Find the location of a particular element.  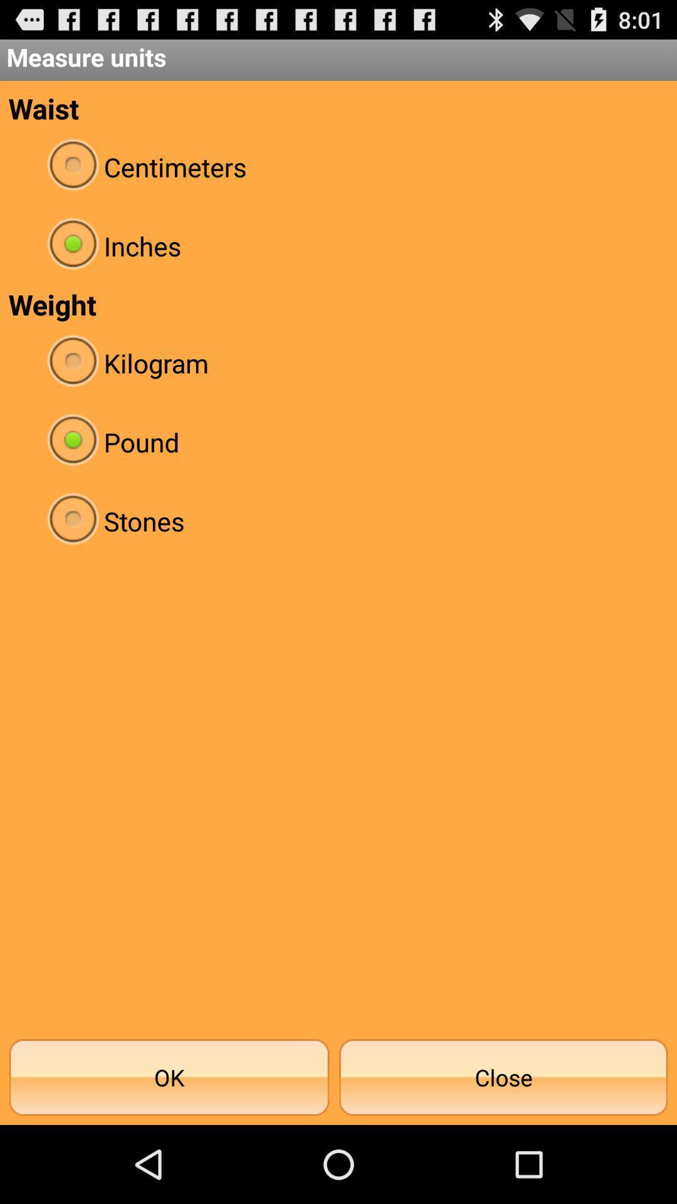

stones icon is located at coordinates (338, 520).